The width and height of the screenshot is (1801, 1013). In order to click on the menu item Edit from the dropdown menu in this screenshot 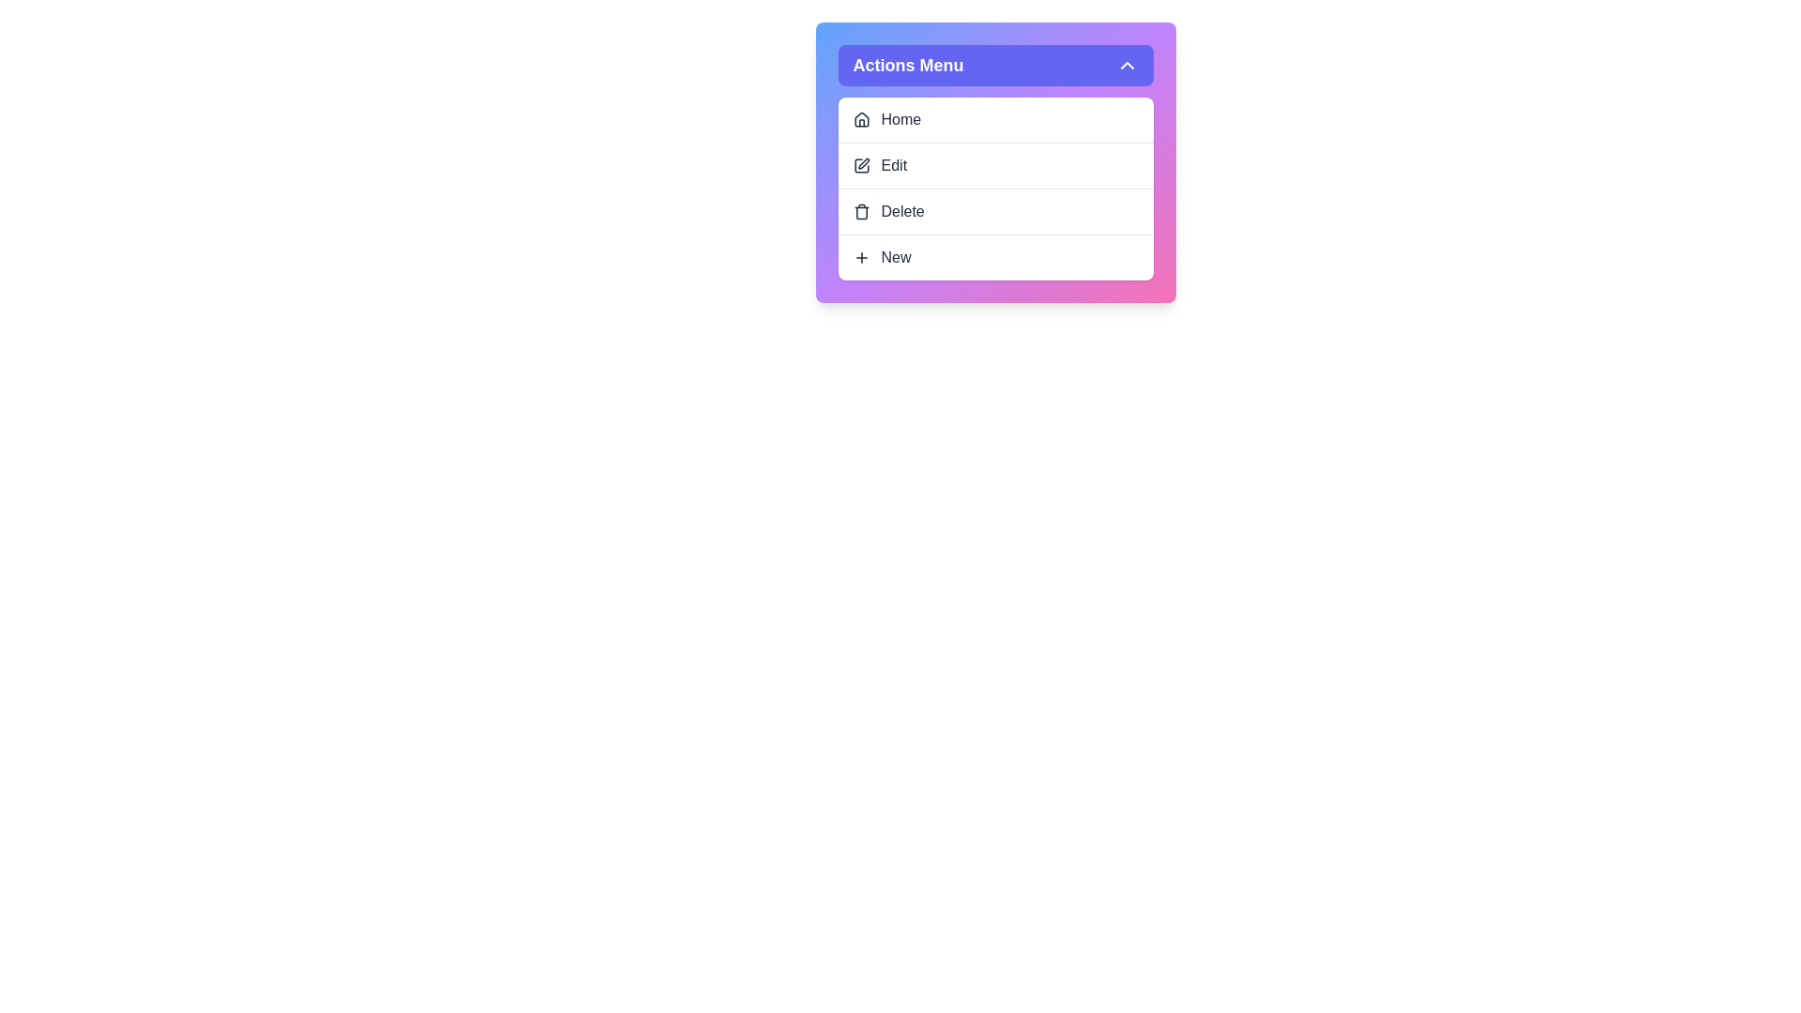, I will do `click(994, 164)`.